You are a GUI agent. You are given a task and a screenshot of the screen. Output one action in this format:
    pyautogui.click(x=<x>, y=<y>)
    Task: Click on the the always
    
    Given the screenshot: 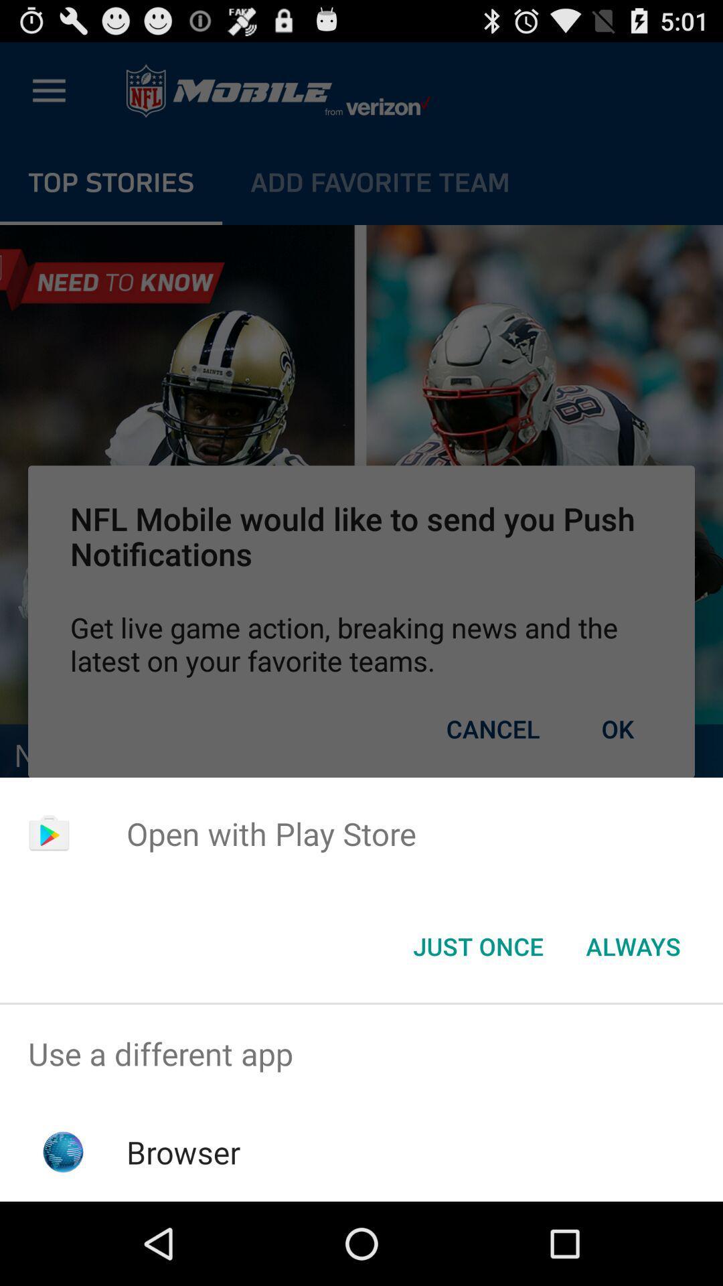 What is the action you would take?
    pyautogui.click(x=633, y=945)
    